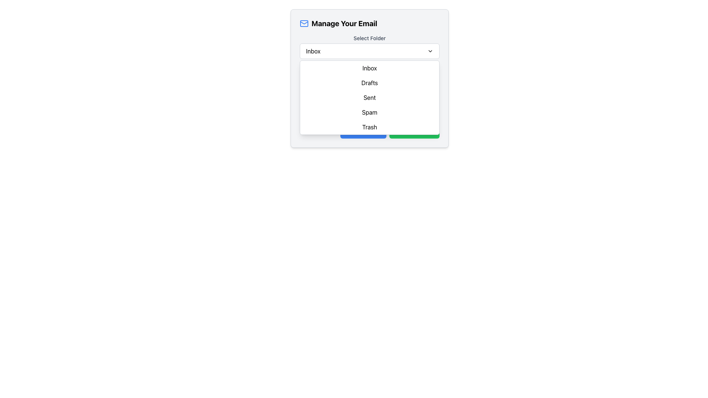 The height and width of the screenshot is (398, 708). I want to click on the text item displaying 'Sent' in the dropdown menu to trigger the hover effect, so click(369, 97).